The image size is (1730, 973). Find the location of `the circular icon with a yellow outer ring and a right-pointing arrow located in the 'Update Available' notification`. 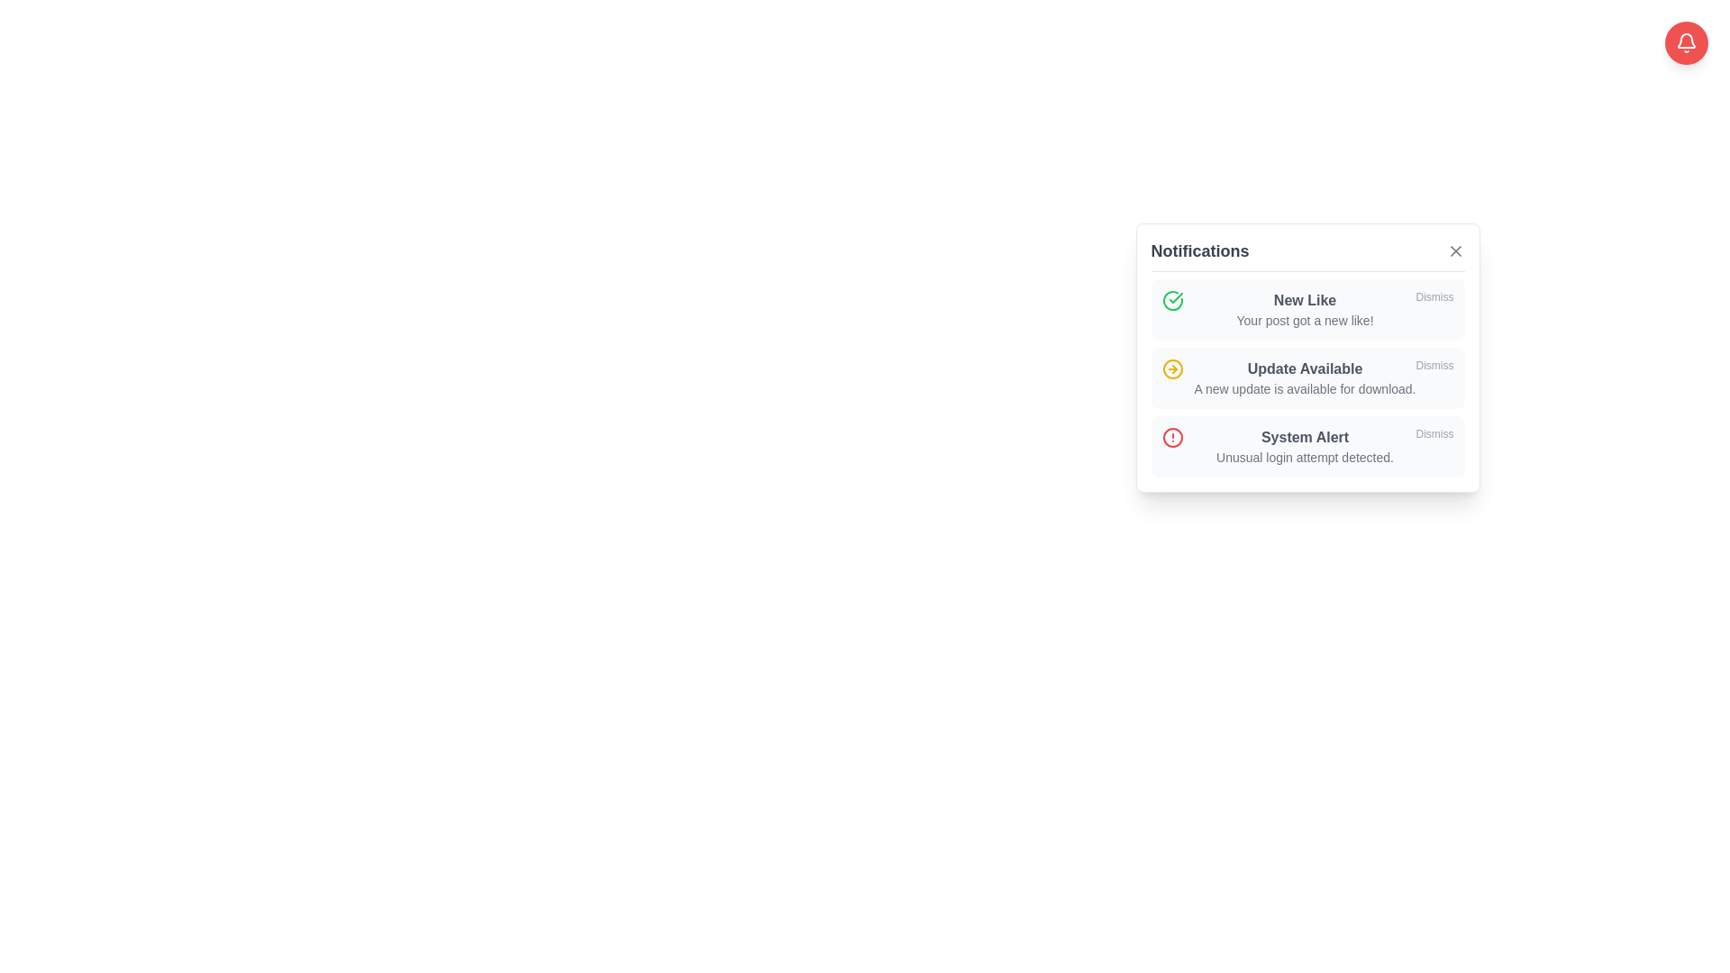

the circular icon with a yellow outer ring and a right-pointing arrow located in the 'Update Available' notification is located at coordinates (1172, 368).